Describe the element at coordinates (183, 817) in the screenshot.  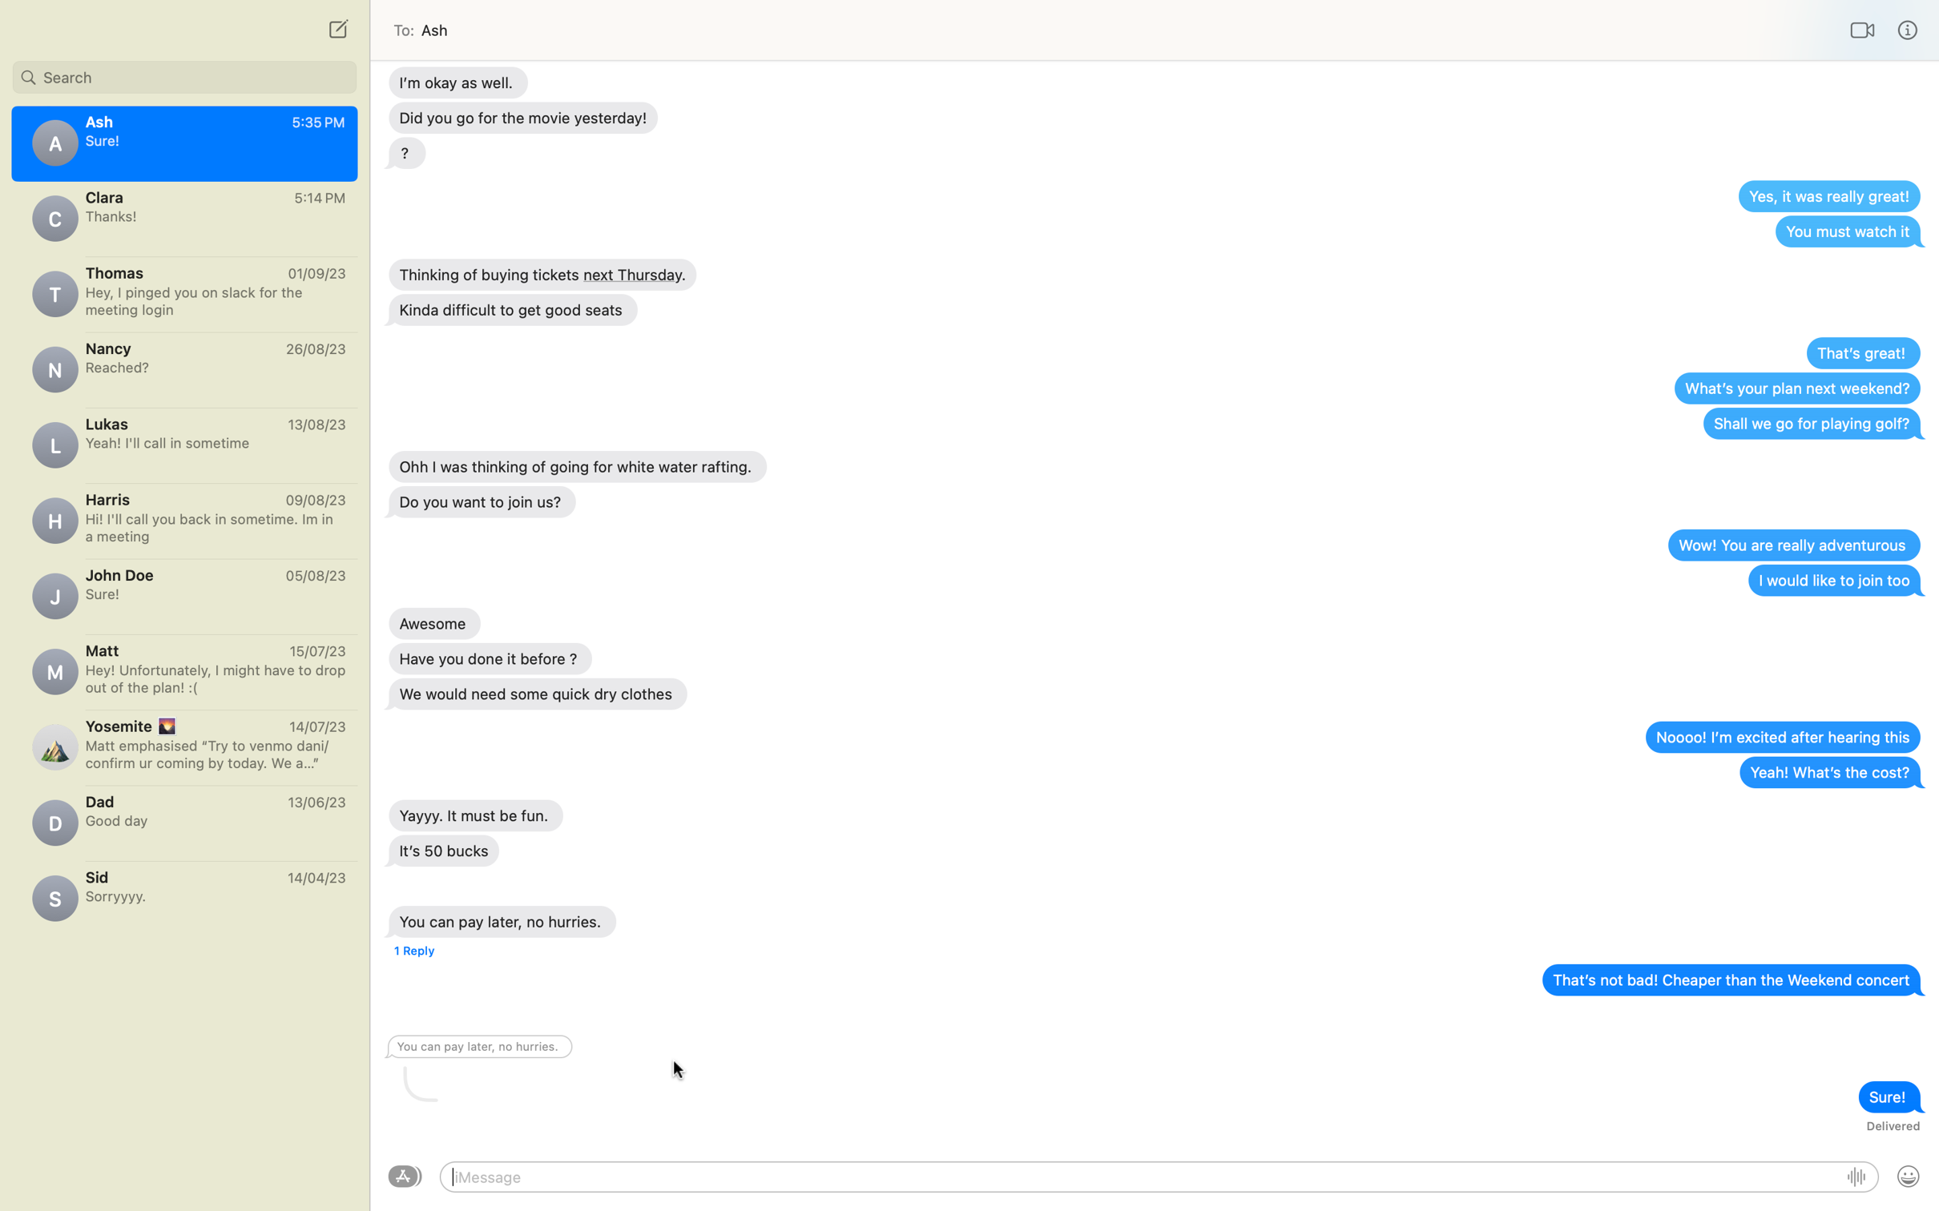
I see `the chat with Dad located on the left sidebar` at that location.